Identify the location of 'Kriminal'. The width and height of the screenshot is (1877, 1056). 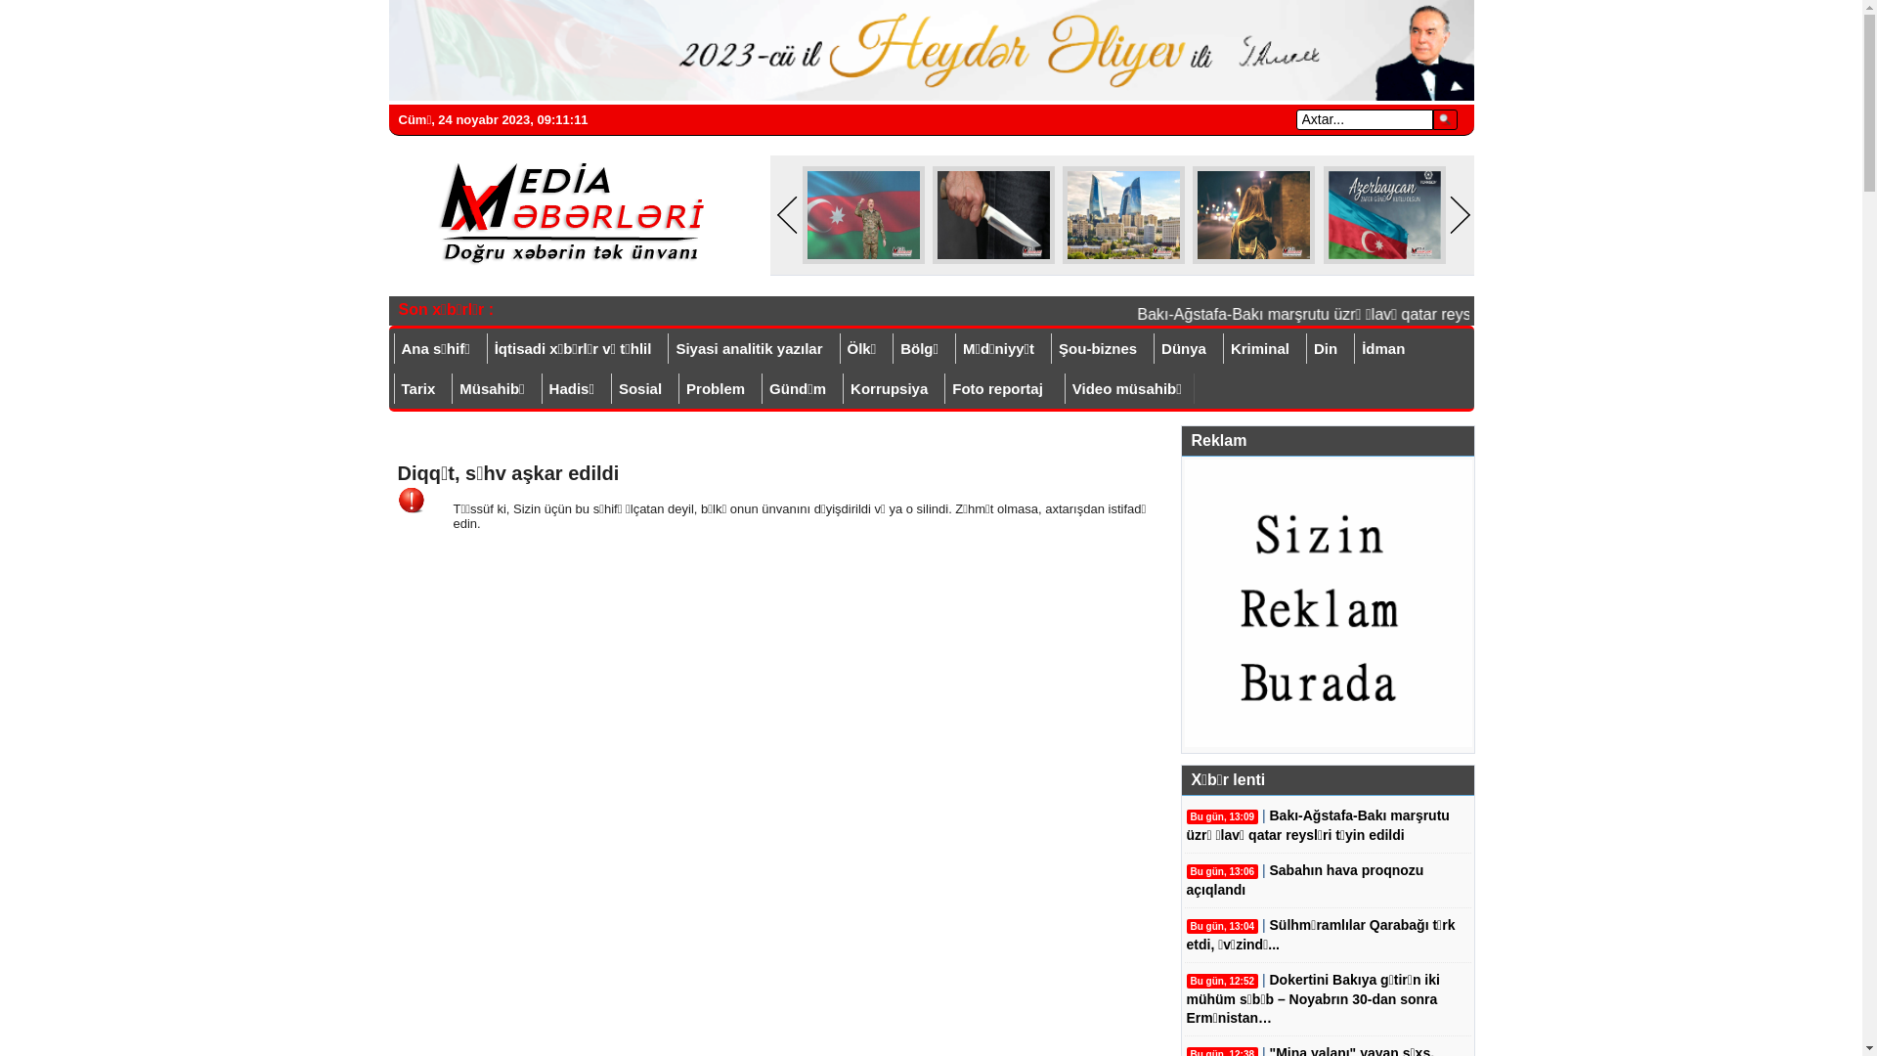
(1222, 347).